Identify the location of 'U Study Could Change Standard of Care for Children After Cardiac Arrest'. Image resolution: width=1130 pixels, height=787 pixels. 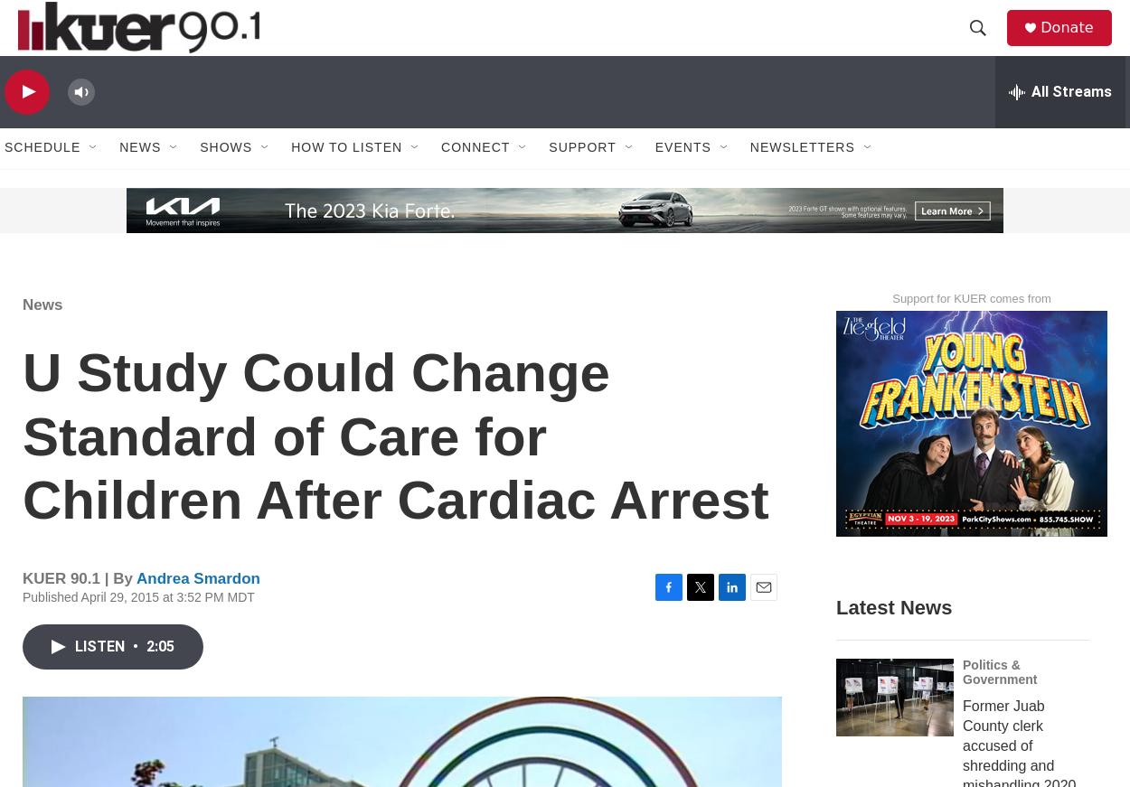
(395, 474).